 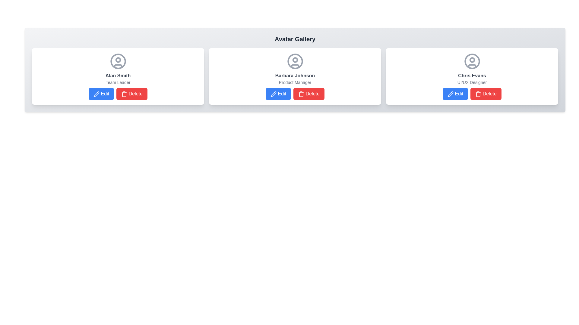 I want to click on the text label displaying the name of the person associated with the user profile card, located in the central card of a three-card layout, so click(x=295, y=75).